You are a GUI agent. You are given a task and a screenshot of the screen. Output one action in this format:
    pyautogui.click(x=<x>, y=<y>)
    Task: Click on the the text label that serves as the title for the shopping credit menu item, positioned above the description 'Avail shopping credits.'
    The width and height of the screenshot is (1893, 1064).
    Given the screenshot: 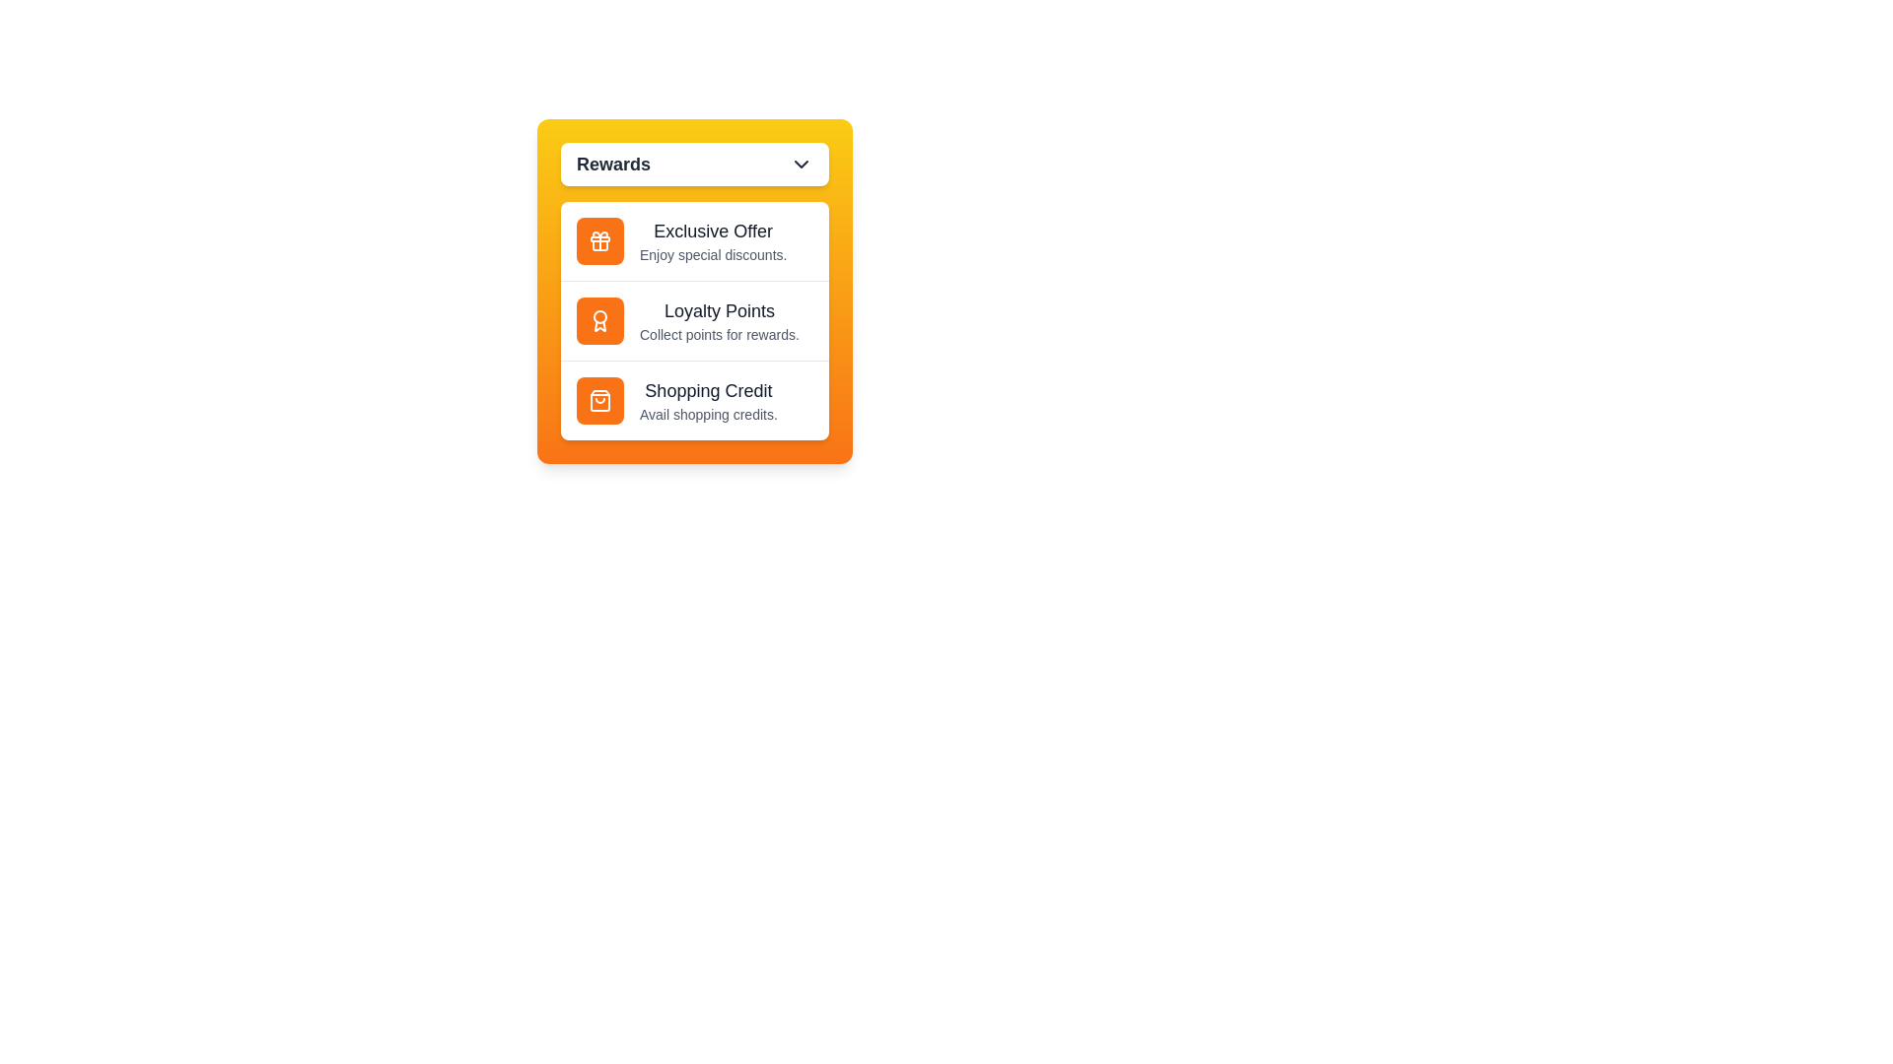 What is the action you would take?
    pyautogui.click(x=708, y=391)
    